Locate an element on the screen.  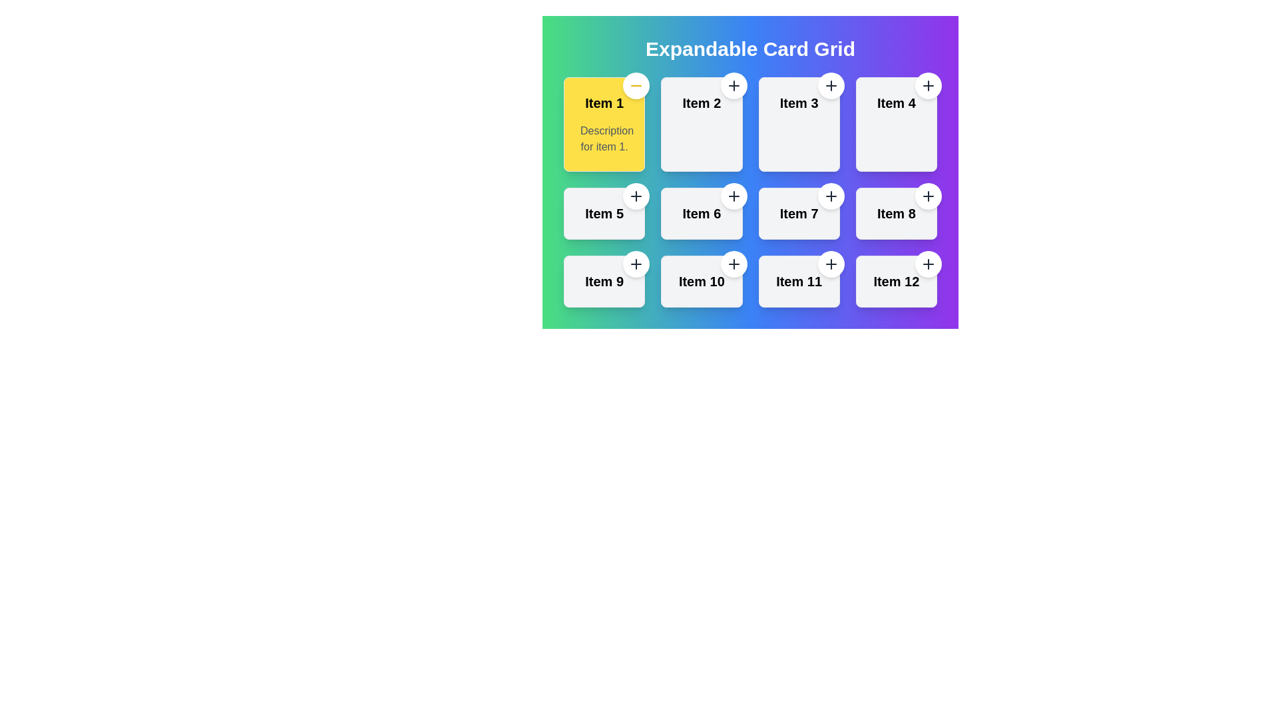
the text label displaying 'Item 6' which is prominently styled in bold within a soft gray rectangular card is located at coordinates (701, 212).